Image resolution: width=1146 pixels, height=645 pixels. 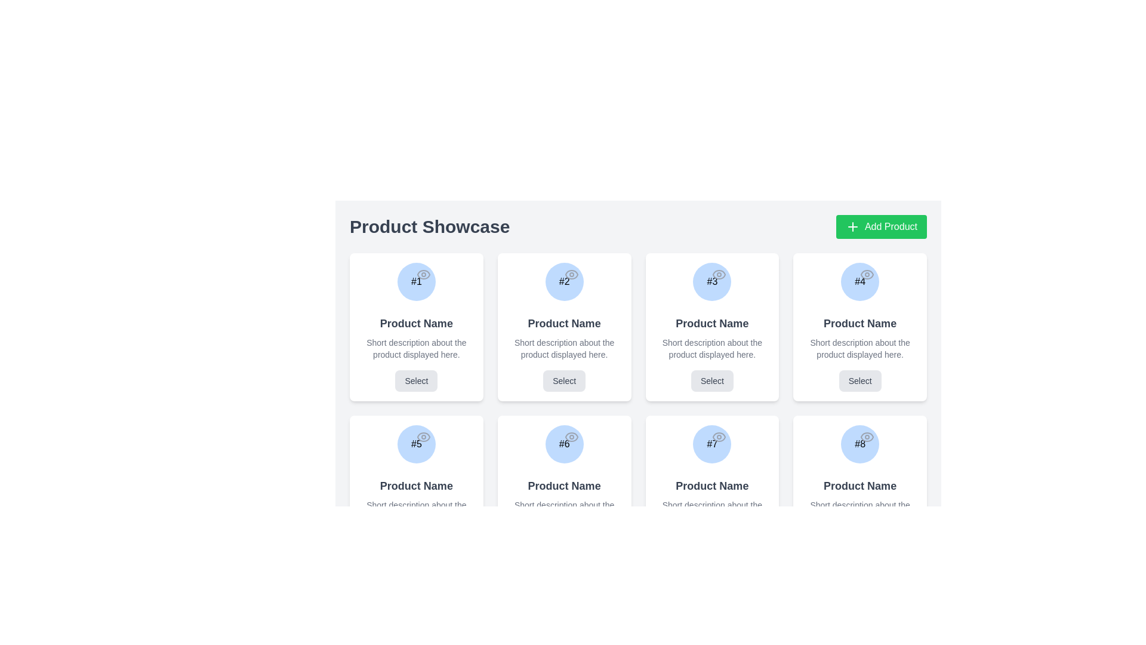 What do you see at coordinates (563, 444) in the screenshot?
I see `the label element in the second row, third column of the grid structure within the 'Product Name' card, which visually indicates the order or selection of the product` at bounding box center [563, 444].